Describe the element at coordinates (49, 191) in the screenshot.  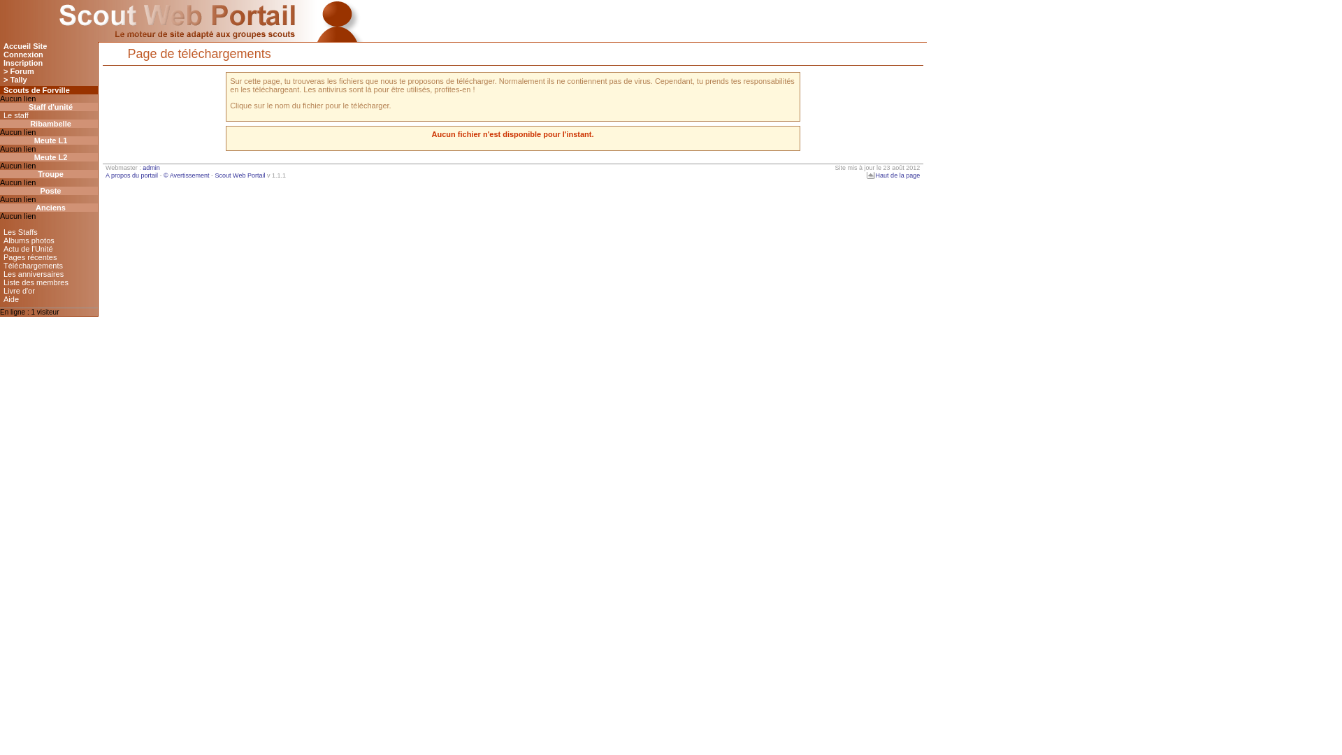
I see `'Poste'` at that location.